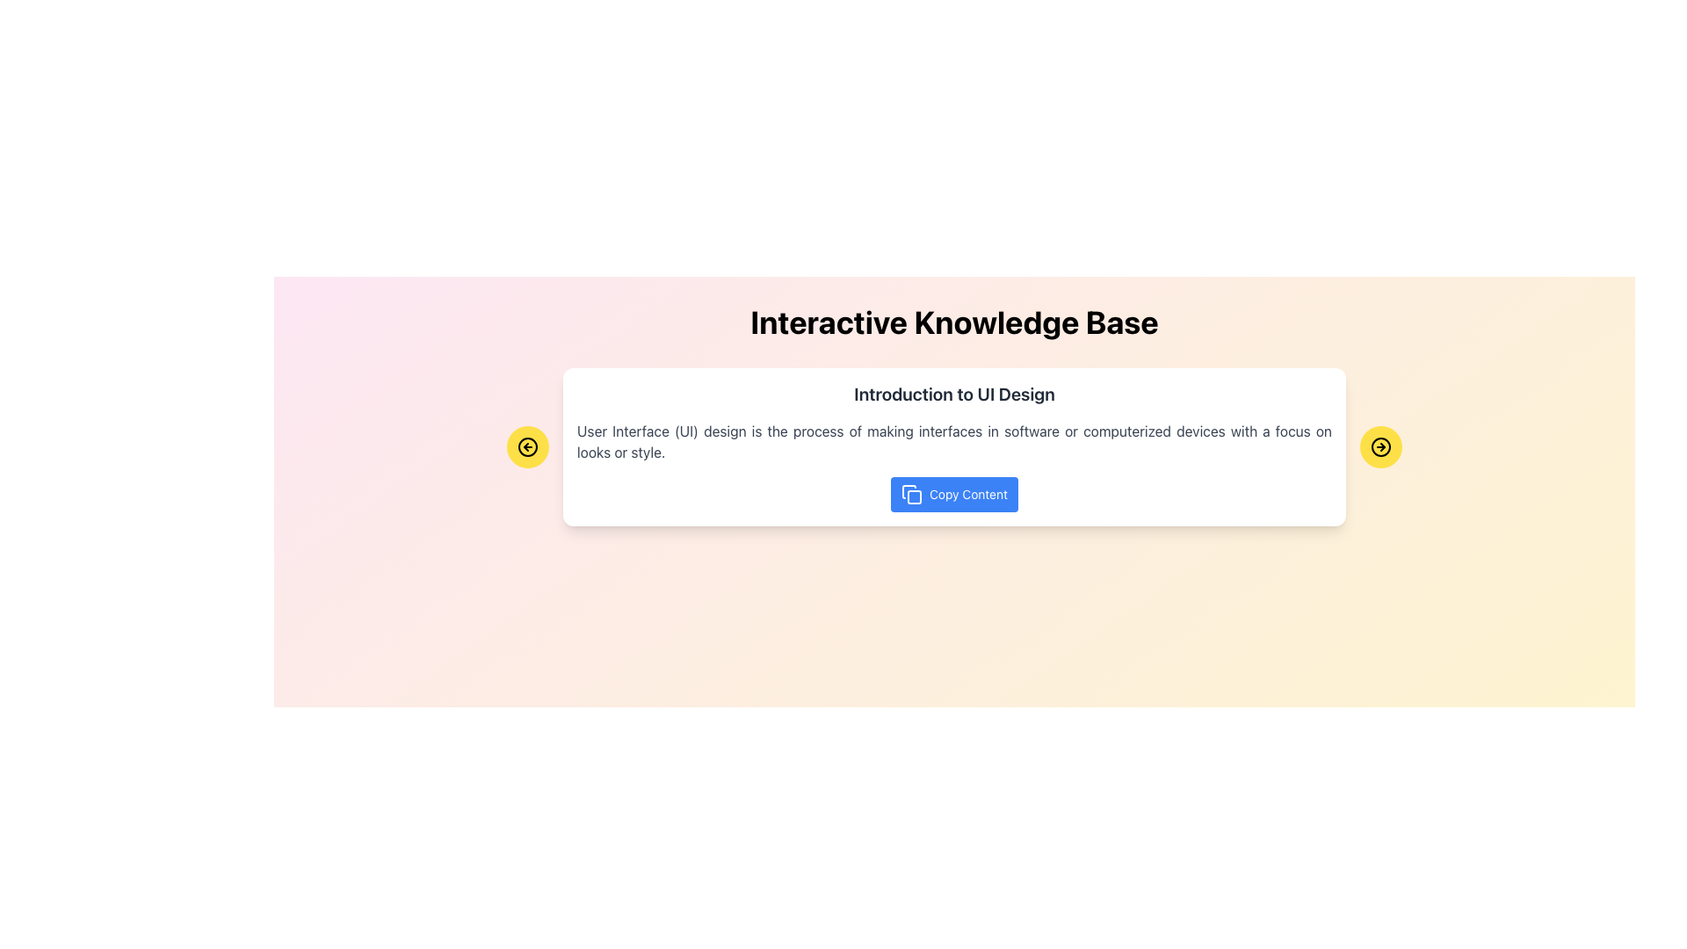 The image size is (1687, 949). Describe the element at coordinates (1379, 446) in the screenshot. I see `the navigation button located at the bottom-right corner of the content card to observe its hover effect` at that location.